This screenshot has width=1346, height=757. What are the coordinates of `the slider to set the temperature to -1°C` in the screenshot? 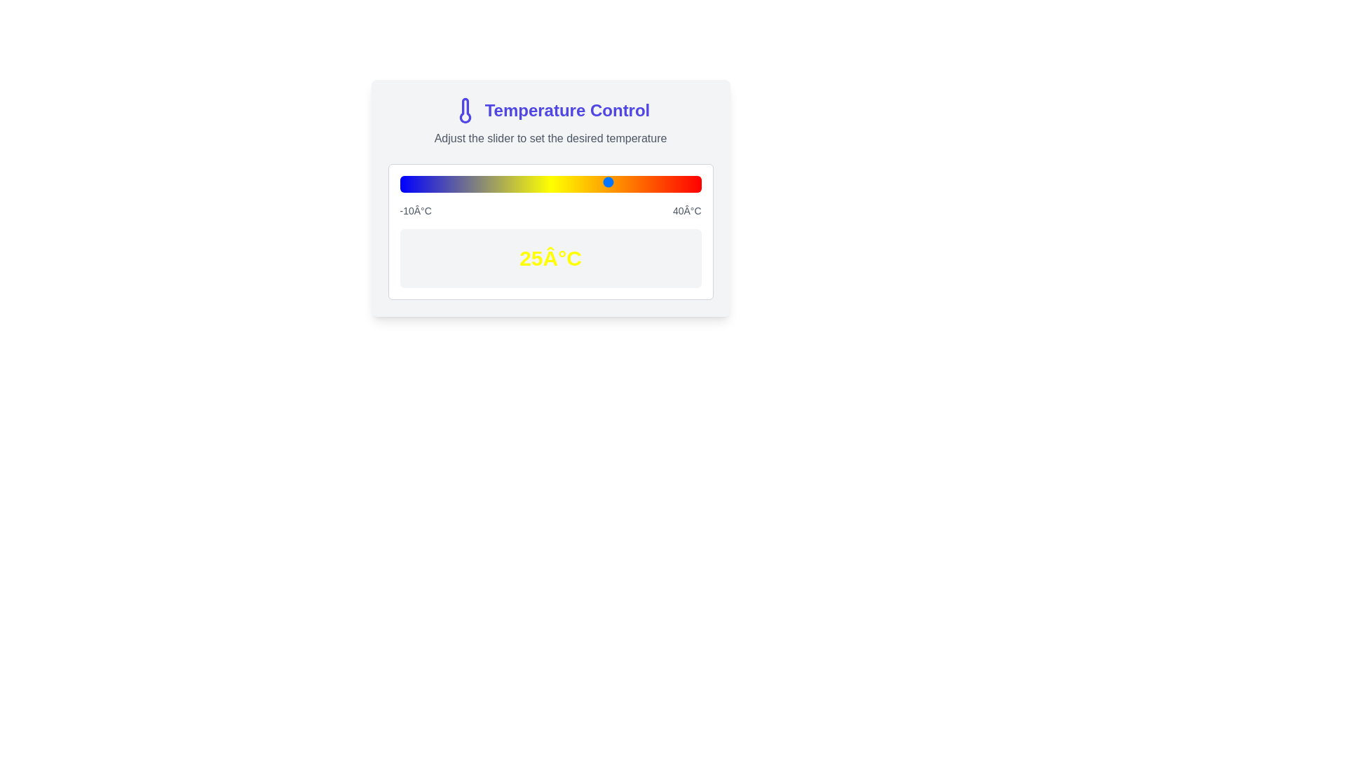 It's located at (454, 181).